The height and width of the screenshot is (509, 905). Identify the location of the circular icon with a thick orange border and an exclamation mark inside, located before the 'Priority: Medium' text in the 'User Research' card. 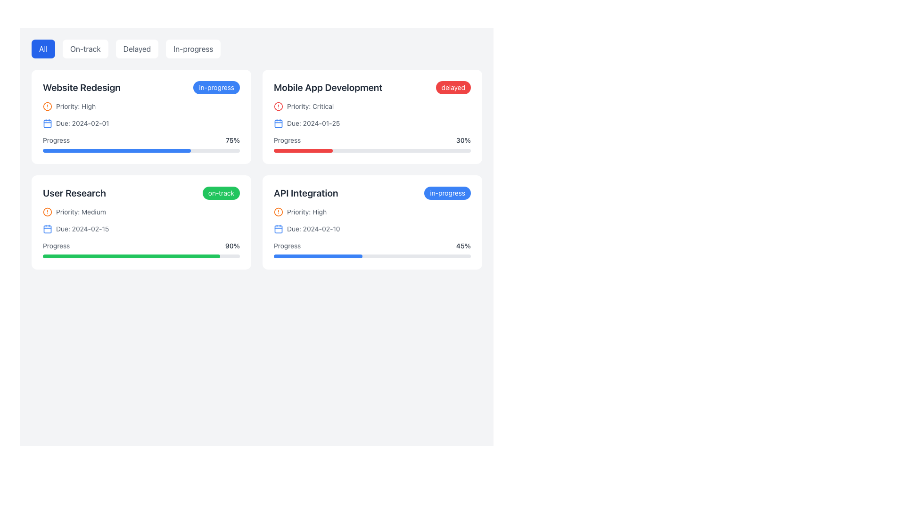
(47, 212).